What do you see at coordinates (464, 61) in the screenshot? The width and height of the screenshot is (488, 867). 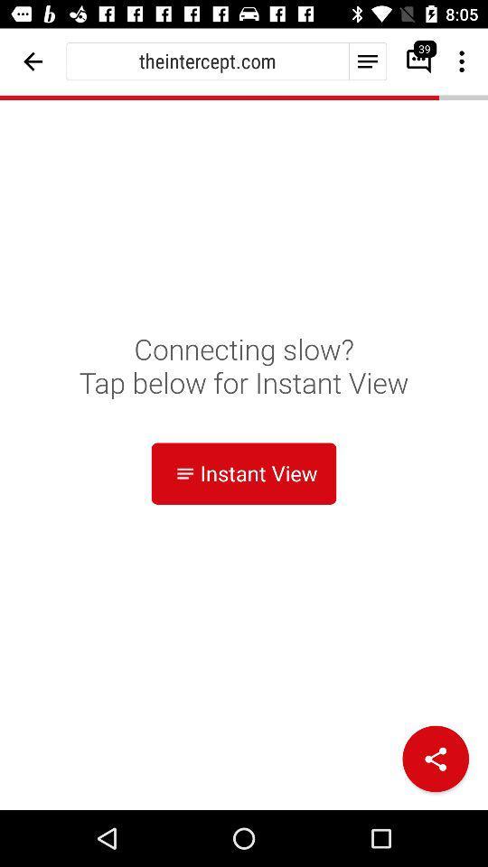 I see `the icon which is right to the message icon` at bounding box center [464, 61].